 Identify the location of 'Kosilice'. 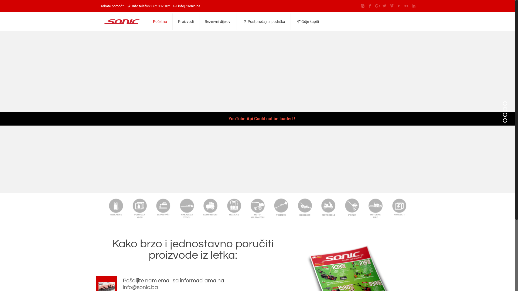
(305, 208).